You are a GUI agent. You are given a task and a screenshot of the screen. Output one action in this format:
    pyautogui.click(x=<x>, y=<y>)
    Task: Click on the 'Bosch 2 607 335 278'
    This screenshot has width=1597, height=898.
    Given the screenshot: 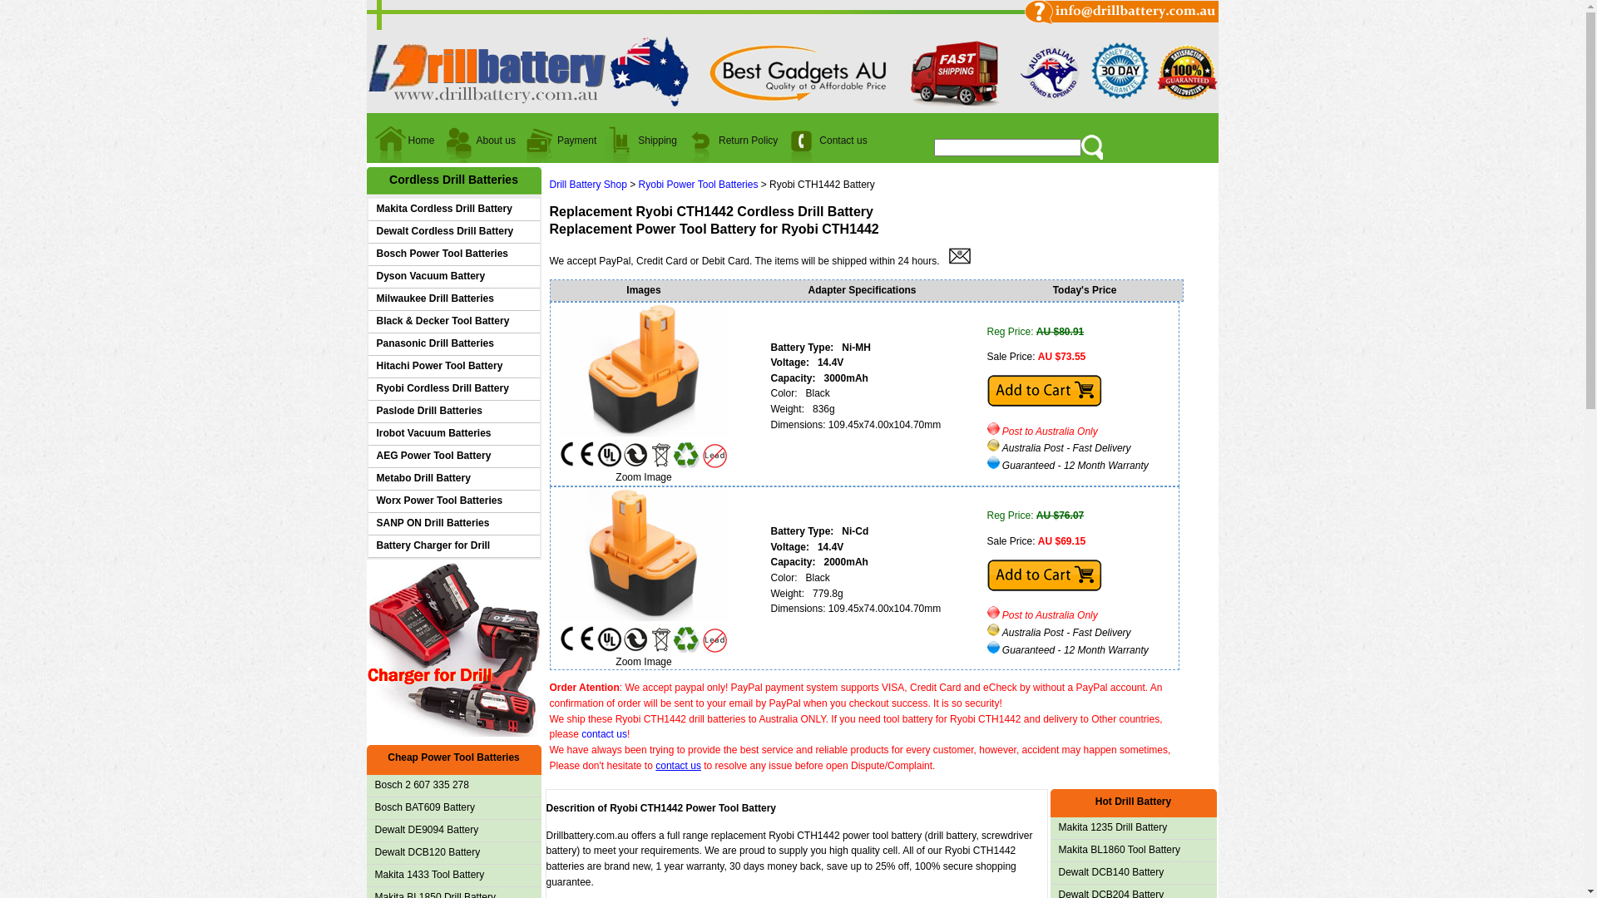 What is the action you would take?
    pyautogui.click(x=365, y=786)
    